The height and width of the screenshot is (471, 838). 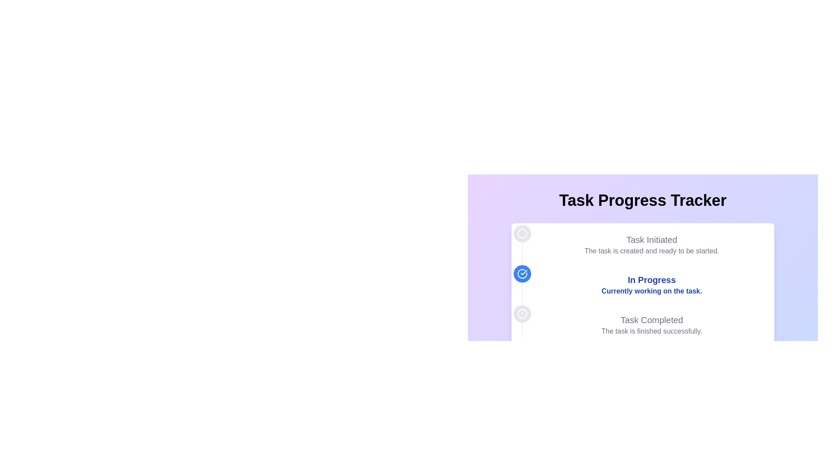 What do you see at coordinates (652, 251) in the screenshot?
I see `the text element that provides additional details about the current status of a task, located below 'Task Initiated'` at bounding box center [652, 251].